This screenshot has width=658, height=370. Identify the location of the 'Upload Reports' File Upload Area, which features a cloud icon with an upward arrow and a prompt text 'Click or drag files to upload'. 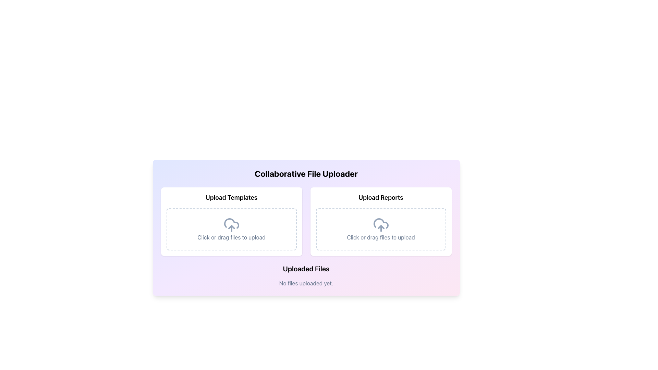
(380, 222).